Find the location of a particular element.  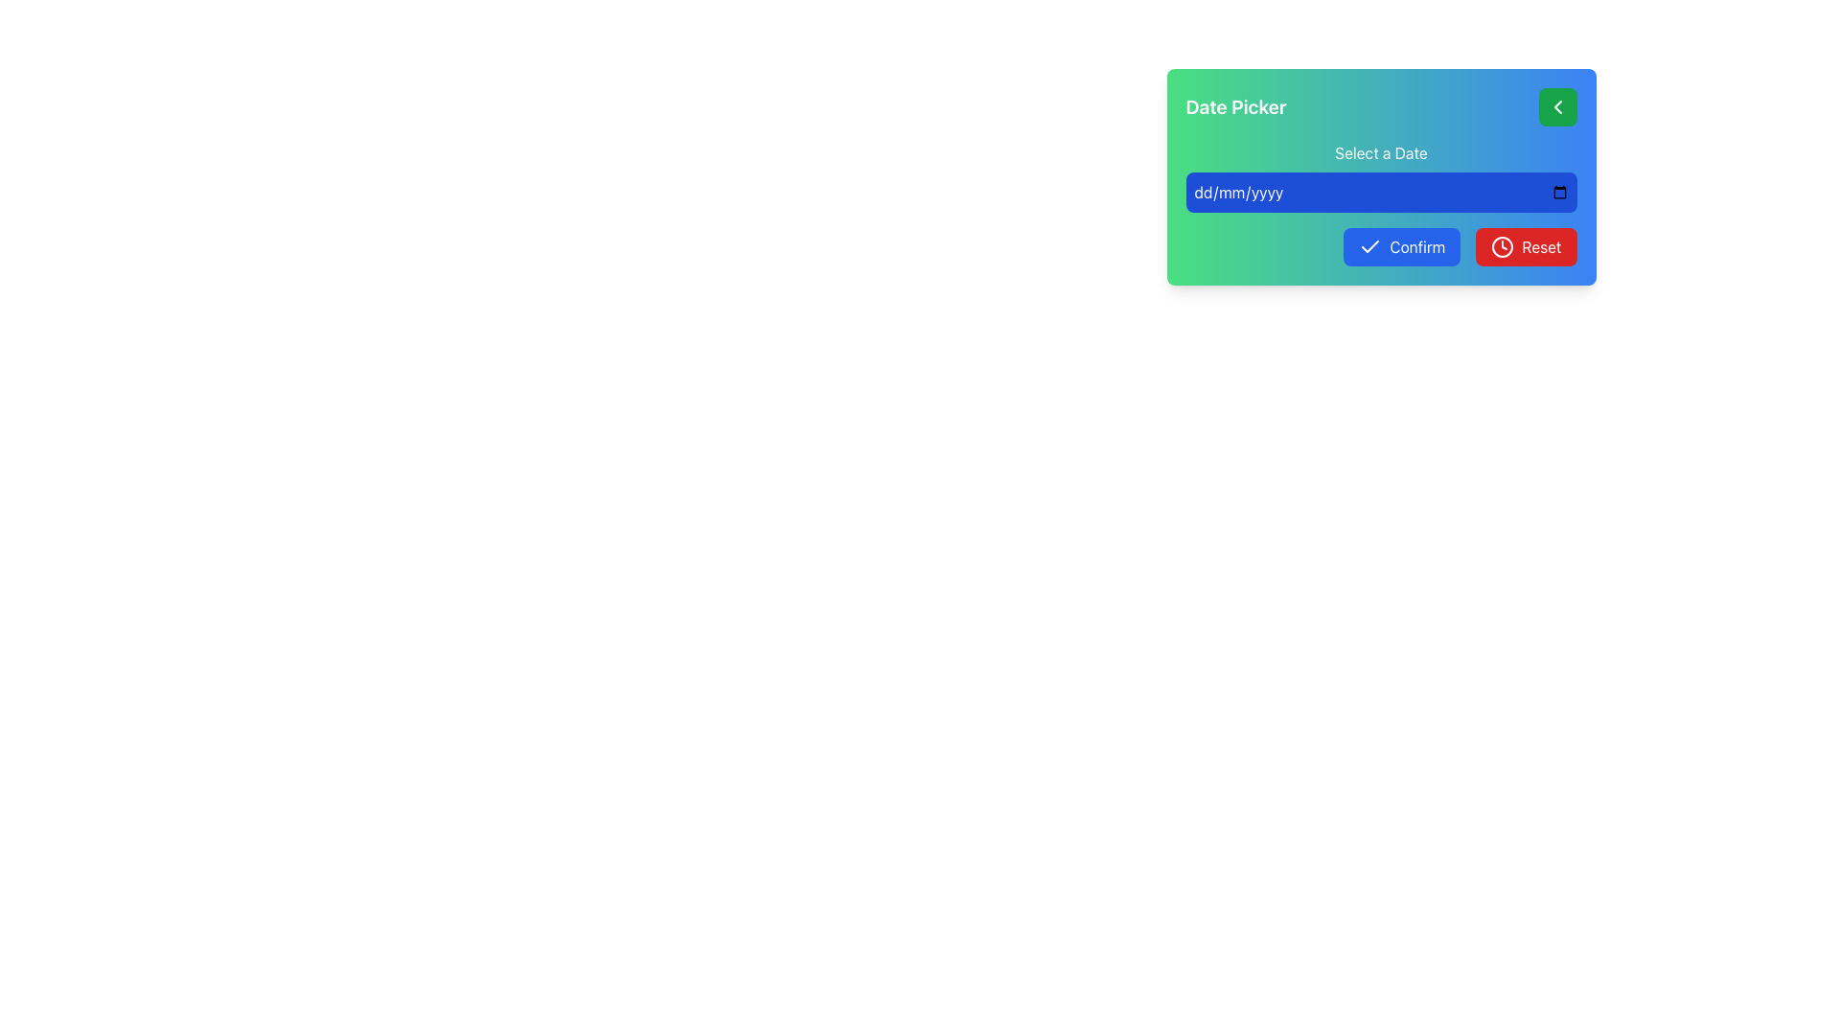

the confirmation button located in the bottom-right section of the dialog box to confirm the action is located at coordinates (1402, 246).